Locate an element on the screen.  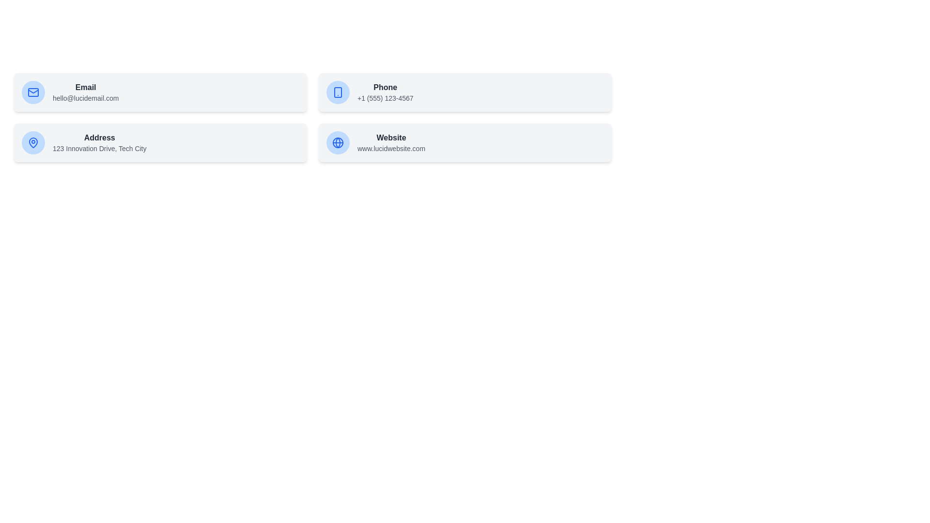
the 'Address' information display panel which has a gray background, rounded corners, and contains a pin icon. This action is intended for accessibility purposes is located at coordinates (160, 142).